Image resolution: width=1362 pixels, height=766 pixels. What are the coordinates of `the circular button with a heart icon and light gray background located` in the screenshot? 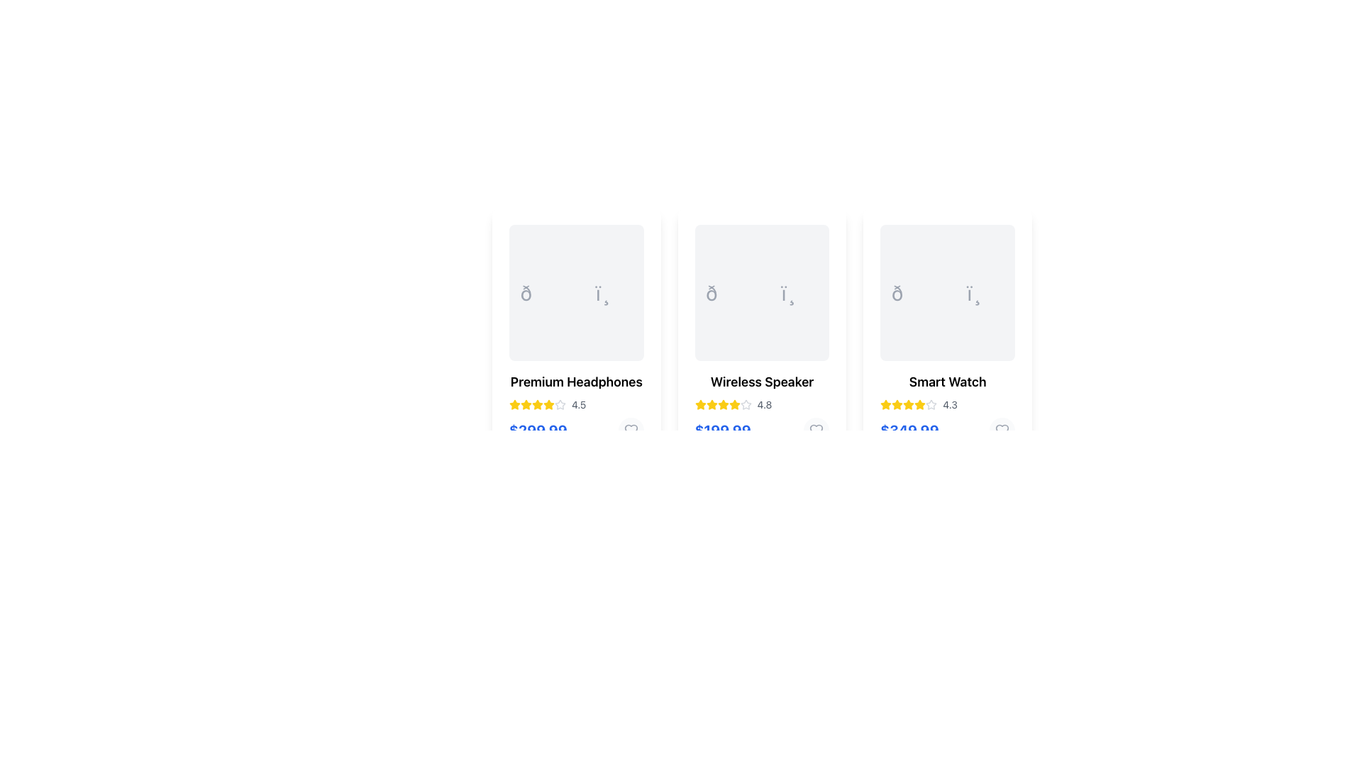 It's located at (630, 429).